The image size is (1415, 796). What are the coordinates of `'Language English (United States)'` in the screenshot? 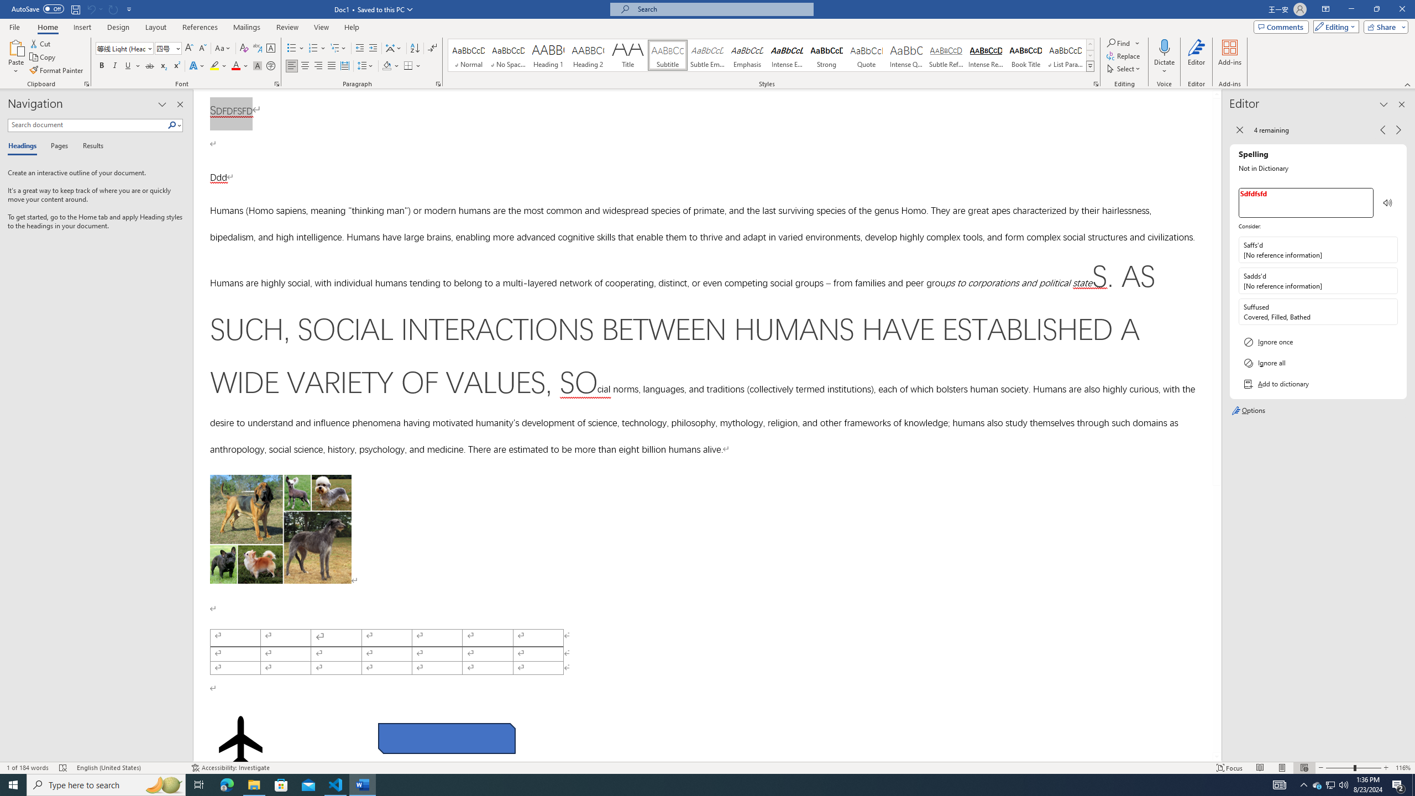 It's located at (128, 768).